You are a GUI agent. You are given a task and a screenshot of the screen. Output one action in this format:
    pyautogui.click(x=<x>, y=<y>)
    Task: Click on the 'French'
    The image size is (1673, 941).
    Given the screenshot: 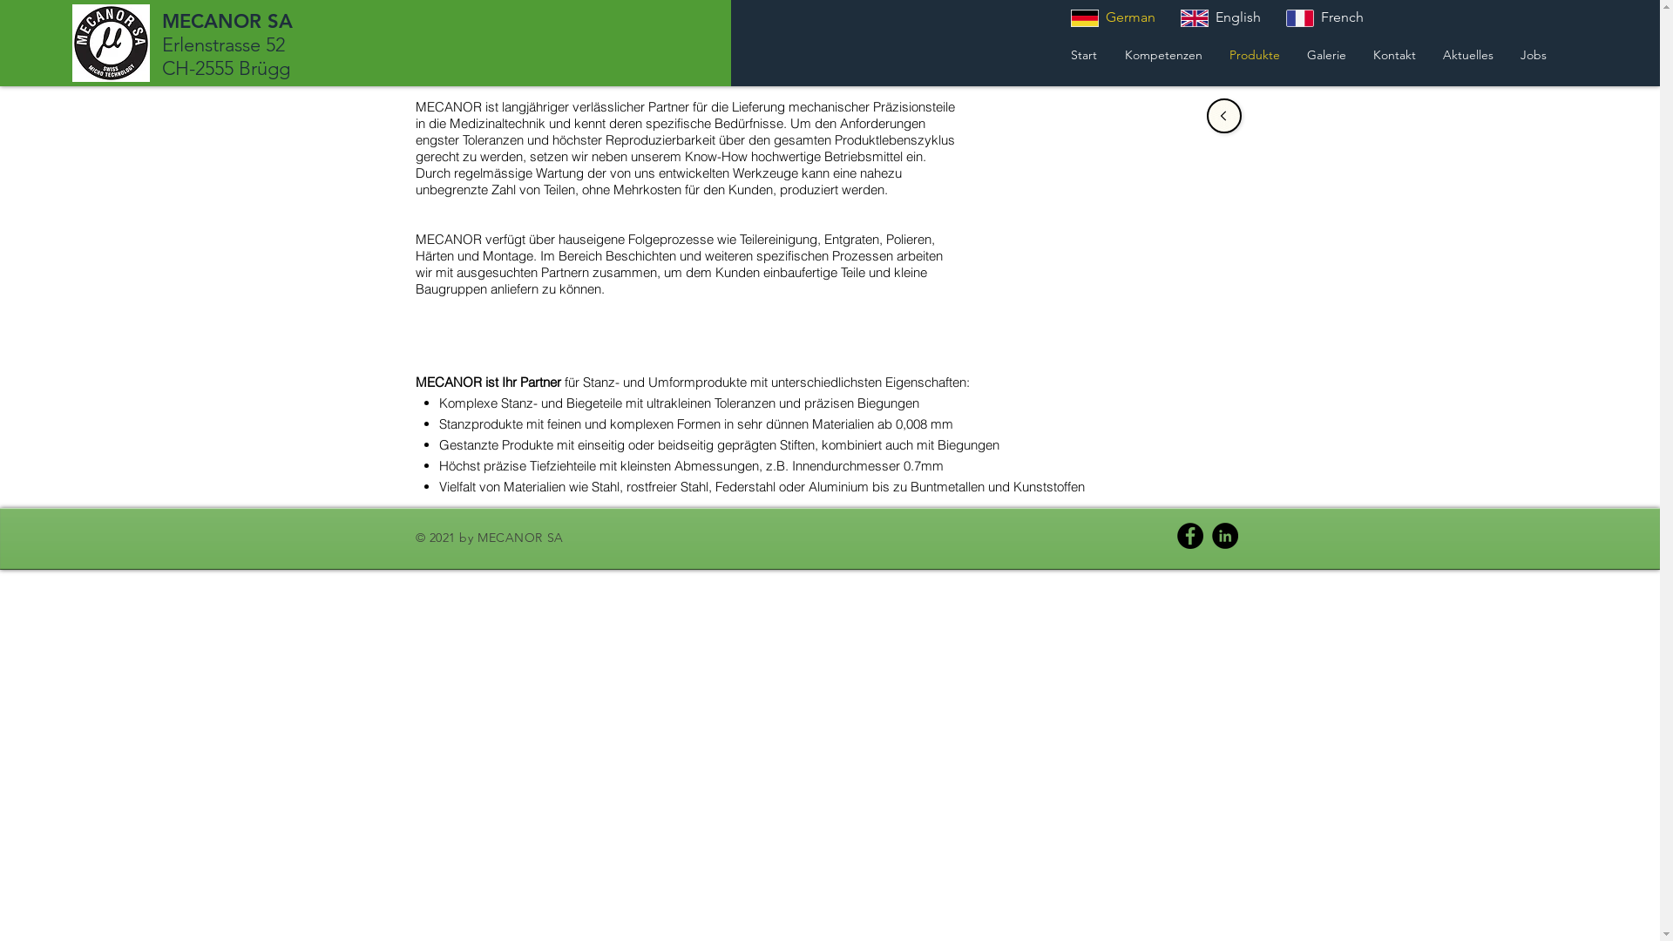 What is the action you would take?
    pyautogui.click(x=1272, y=17)
    